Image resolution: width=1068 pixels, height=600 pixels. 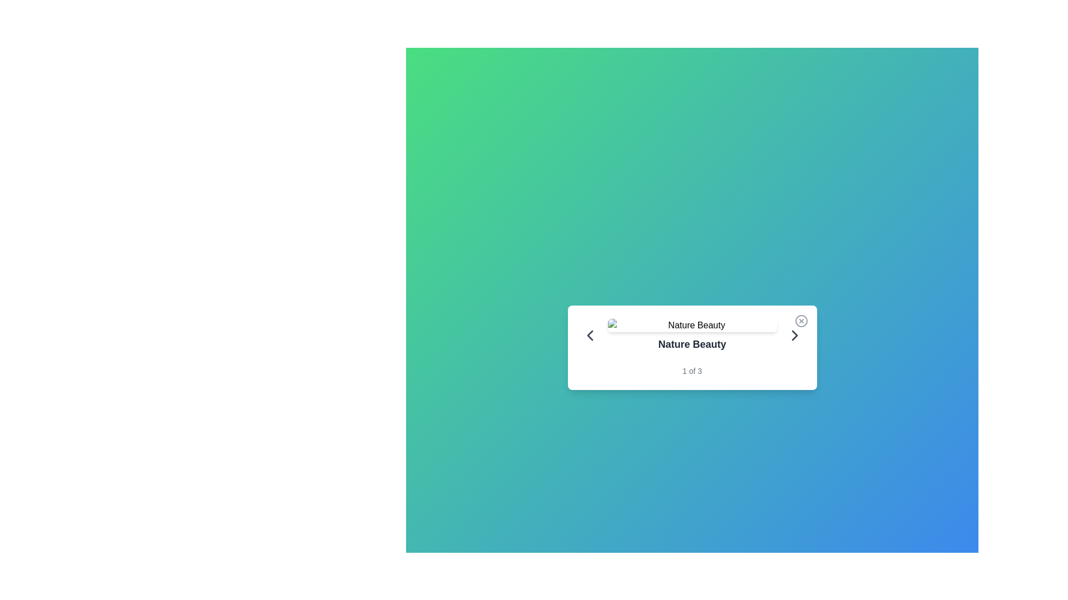 I want to click on the static text label located below the image placeholder in the center of the interface, so click(x=691, y=335).